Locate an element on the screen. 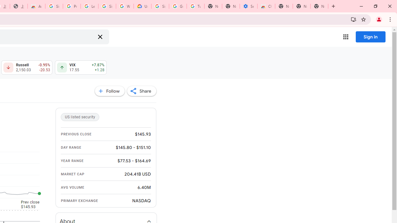 The width and height of the screenshot is (397, 223). 'Google Account Help' is located at coordinates (177, 6).